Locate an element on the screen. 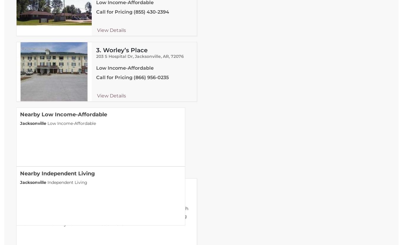 The image size is (403, 245). 'Read More >' is located at coordinates (113, 224).